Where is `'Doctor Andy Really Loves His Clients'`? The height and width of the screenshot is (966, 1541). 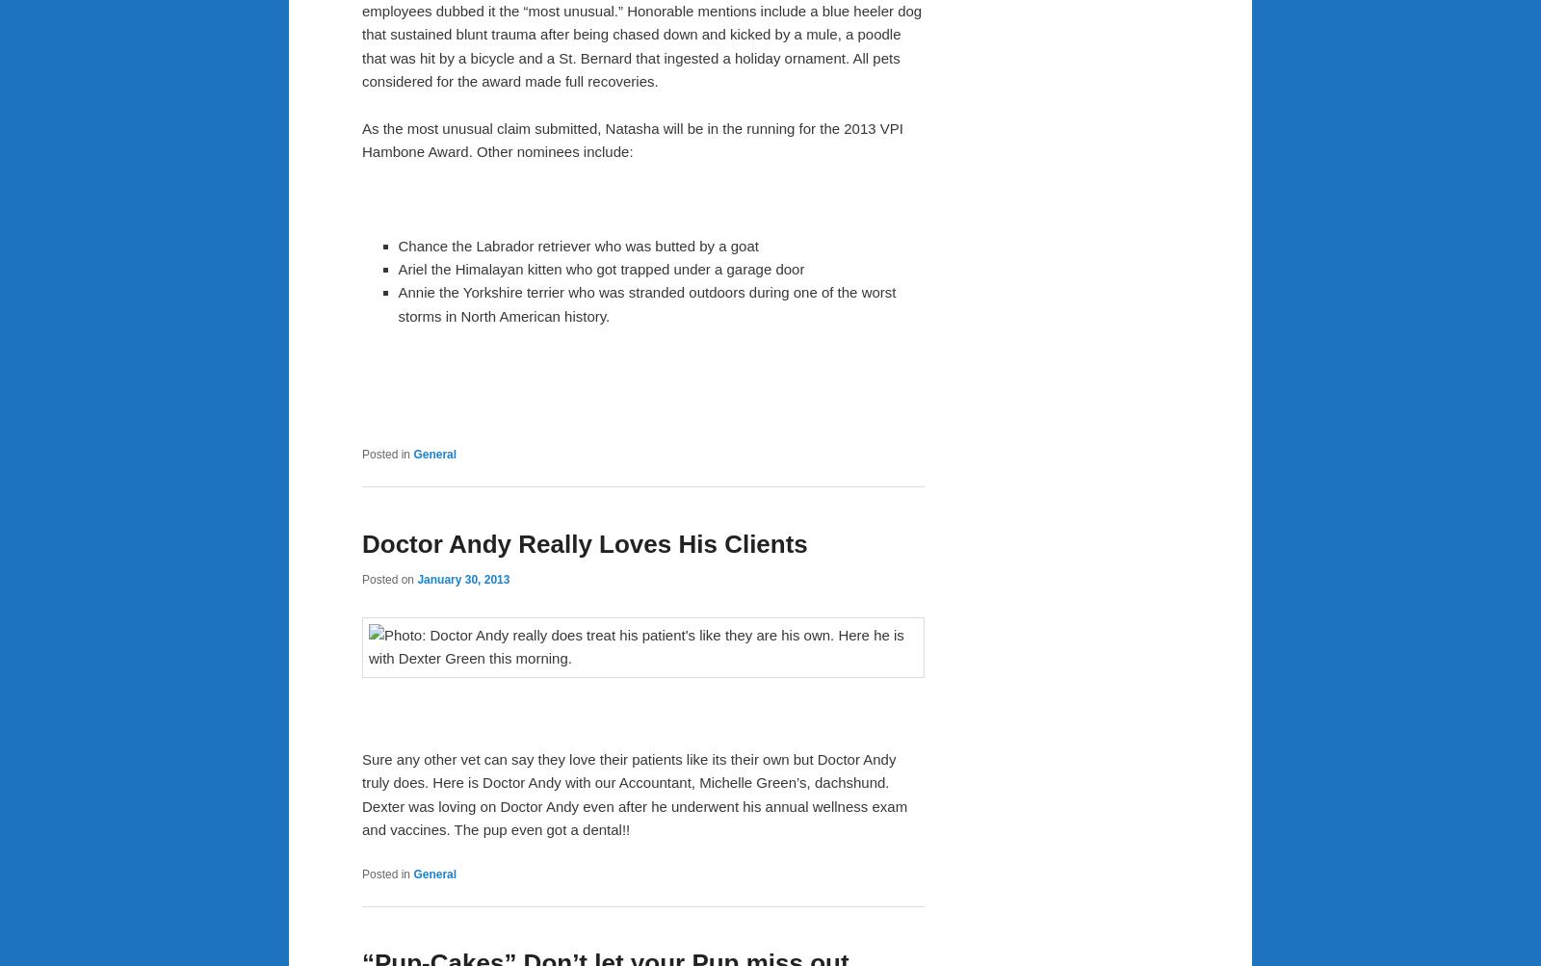 'Doctor Andy Really Loves His Clients' is located at coordinates (585, 541).